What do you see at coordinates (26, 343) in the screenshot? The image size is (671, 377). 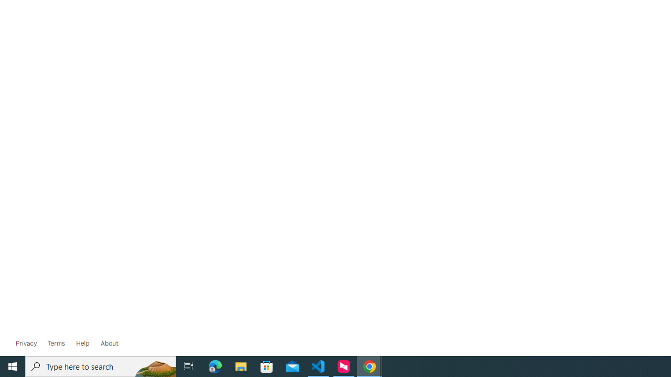 I see `'Privacy'` at bounding box center [26, 343].